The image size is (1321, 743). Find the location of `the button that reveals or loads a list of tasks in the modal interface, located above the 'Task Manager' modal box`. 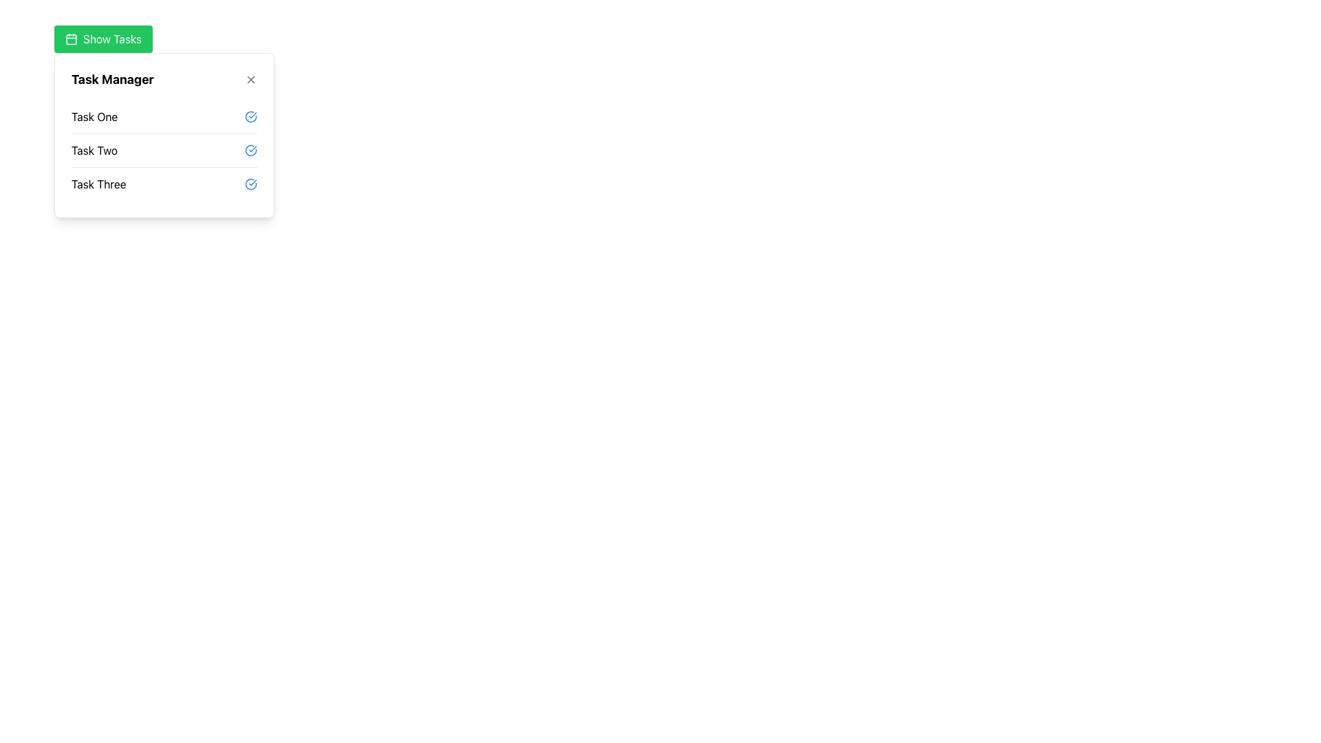

the button that reveals or loads a list of tasks in the modal interface, located above the 'Task Manager' modal box is located at coordinates (103, 39).